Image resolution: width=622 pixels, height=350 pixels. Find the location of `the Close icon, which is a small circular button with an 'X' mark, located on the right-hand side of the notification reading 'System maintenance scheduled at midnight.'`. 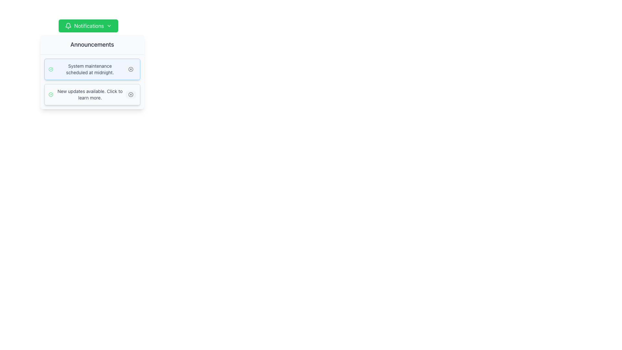

the Close icon, which is a small circular button with an 'X' mark, located on the right-hand side of the notification reading 'System maintenance scheduled at midnight.' is located at coordinates (130, 69).